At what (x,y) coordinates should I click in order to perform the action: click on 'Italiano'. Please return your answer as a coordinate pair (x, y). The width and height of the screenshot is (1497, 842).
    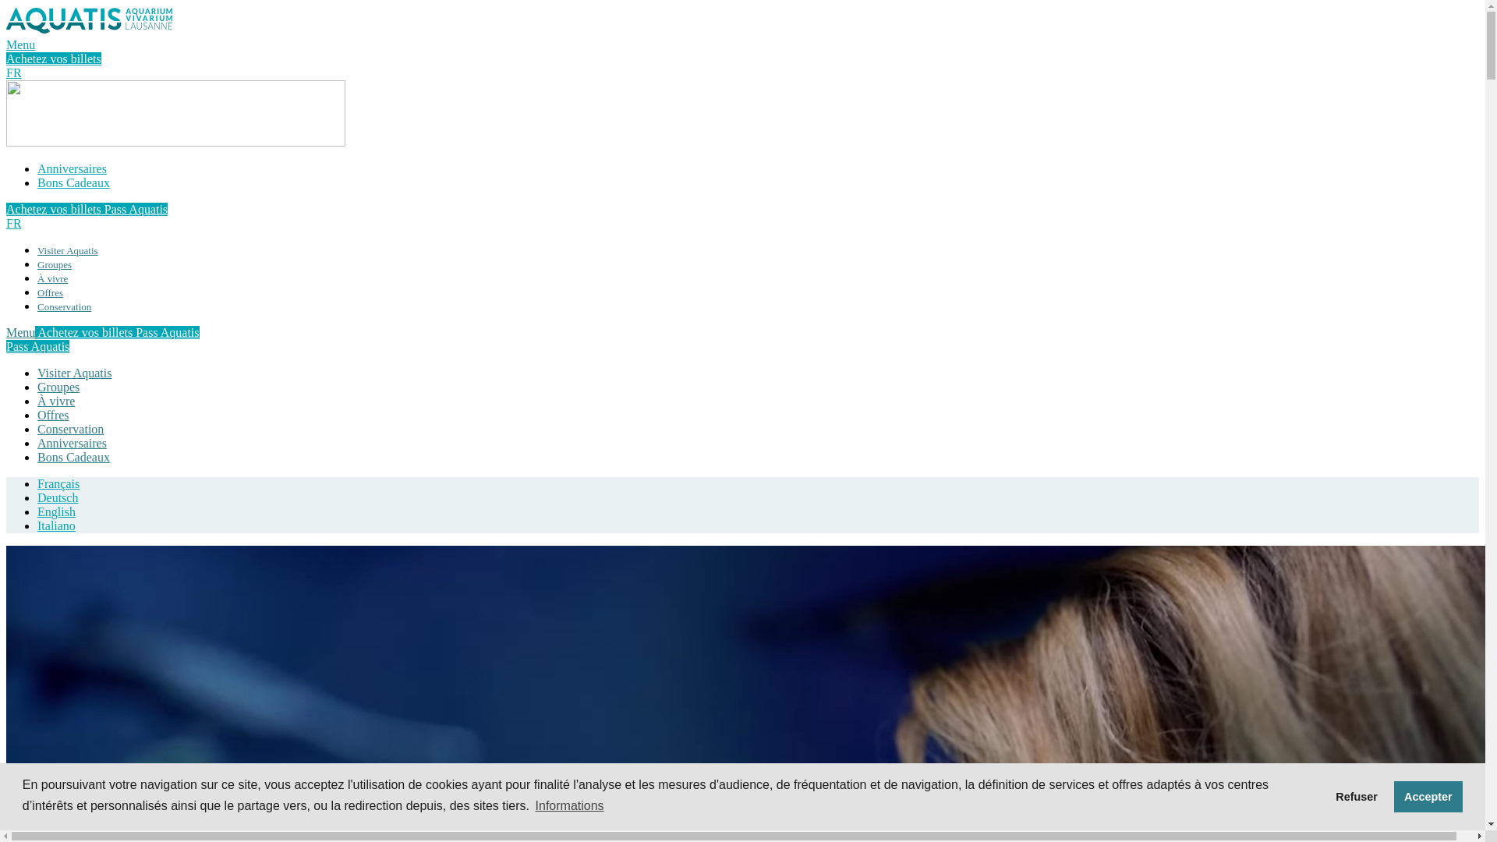
    Looking at the image, I should click on (56, 525).